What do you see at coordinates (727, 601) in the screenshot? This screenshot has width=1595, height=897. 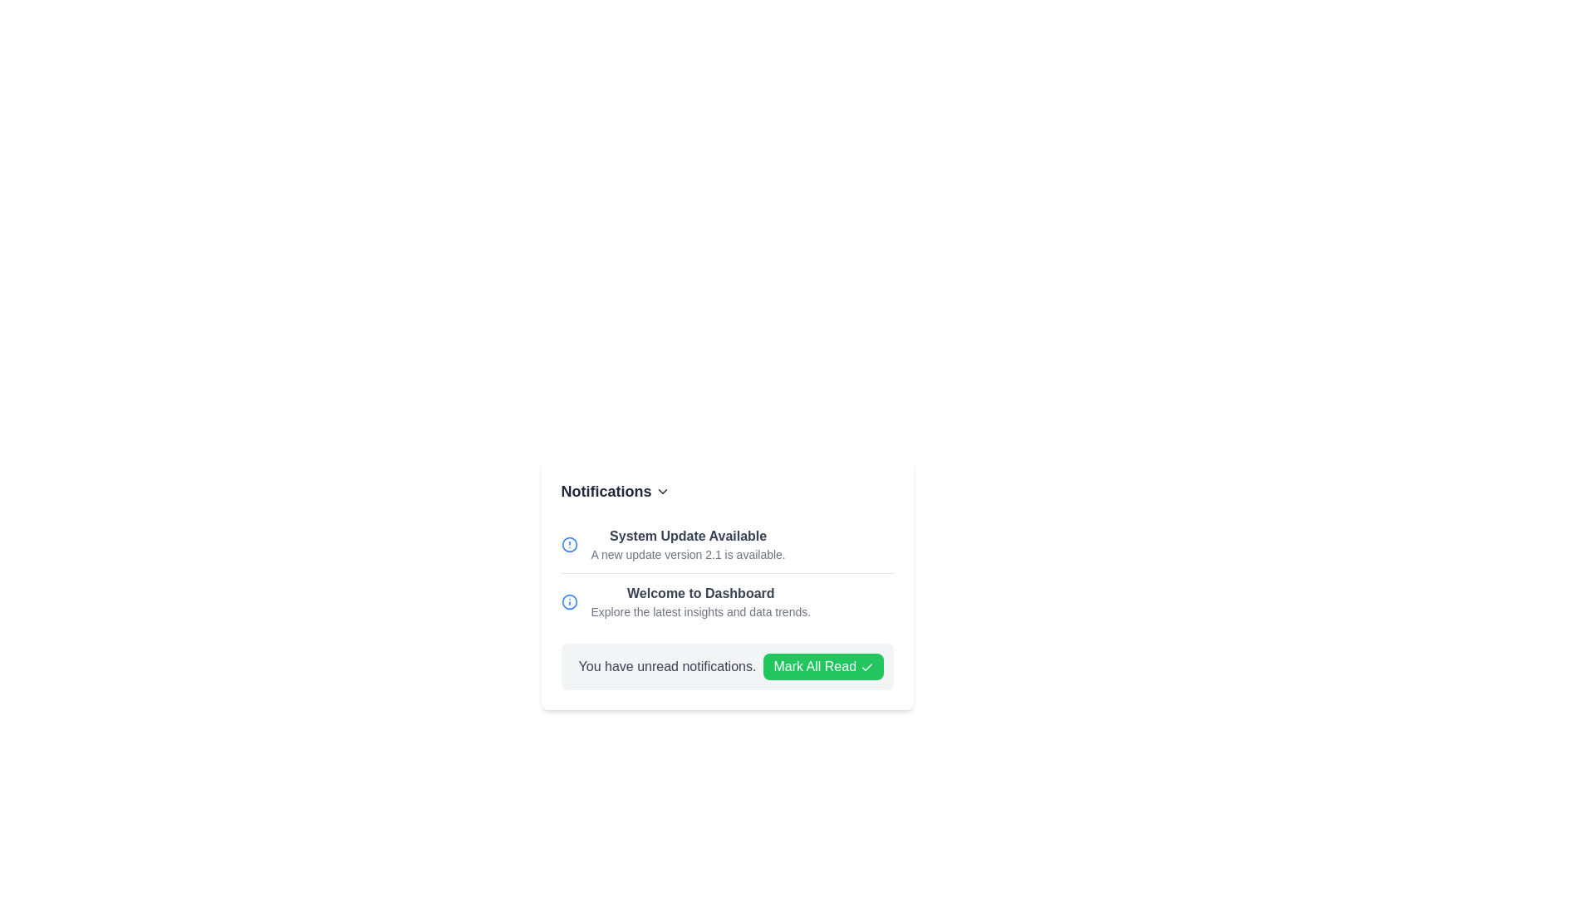 I see `the informational text block titled 'Welcome to Dashboard', which features a bold title and a subtitle, located below the 'System Update Available' notification` at bounding box center [727, 601].